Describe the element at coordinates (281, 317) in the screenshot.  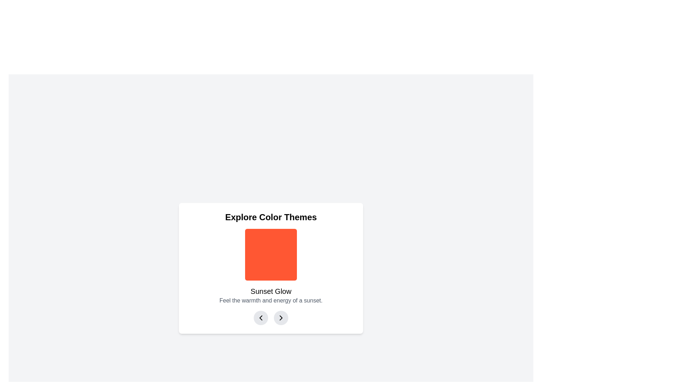
I see `the rightwards chevron arrow icon located within the circular button below the 'Sunset Glow' text` at that location.